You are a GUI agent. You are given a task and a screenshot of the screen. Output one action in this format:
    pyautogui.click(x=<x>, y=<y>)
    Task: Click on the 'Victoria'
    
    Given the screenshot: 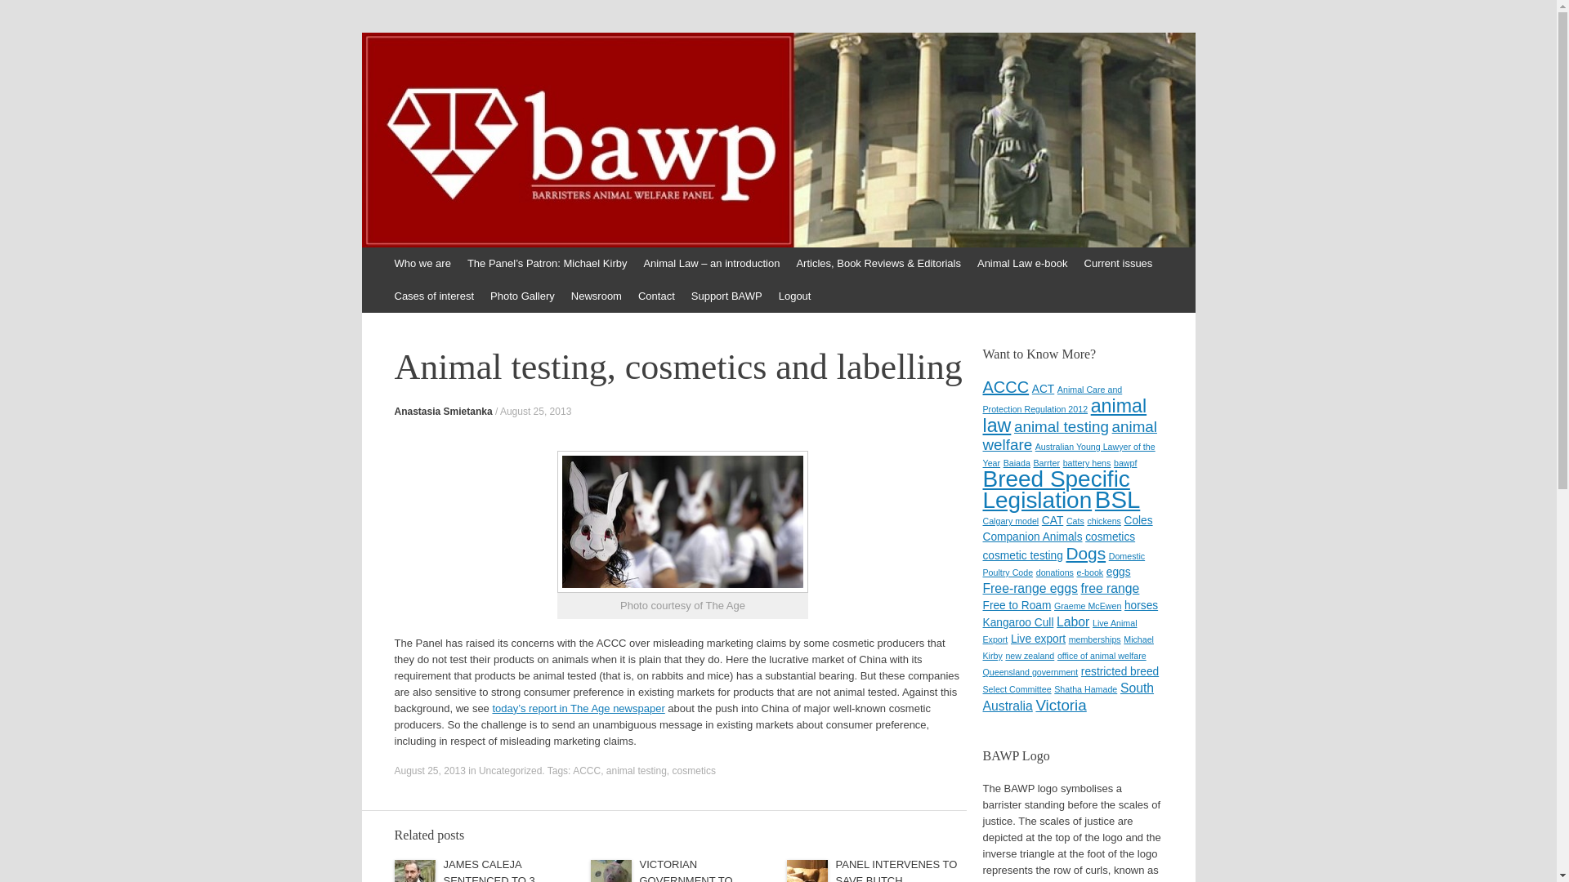 What is the action you would take?
    pyautogui.click(x=1060, y=704)
    